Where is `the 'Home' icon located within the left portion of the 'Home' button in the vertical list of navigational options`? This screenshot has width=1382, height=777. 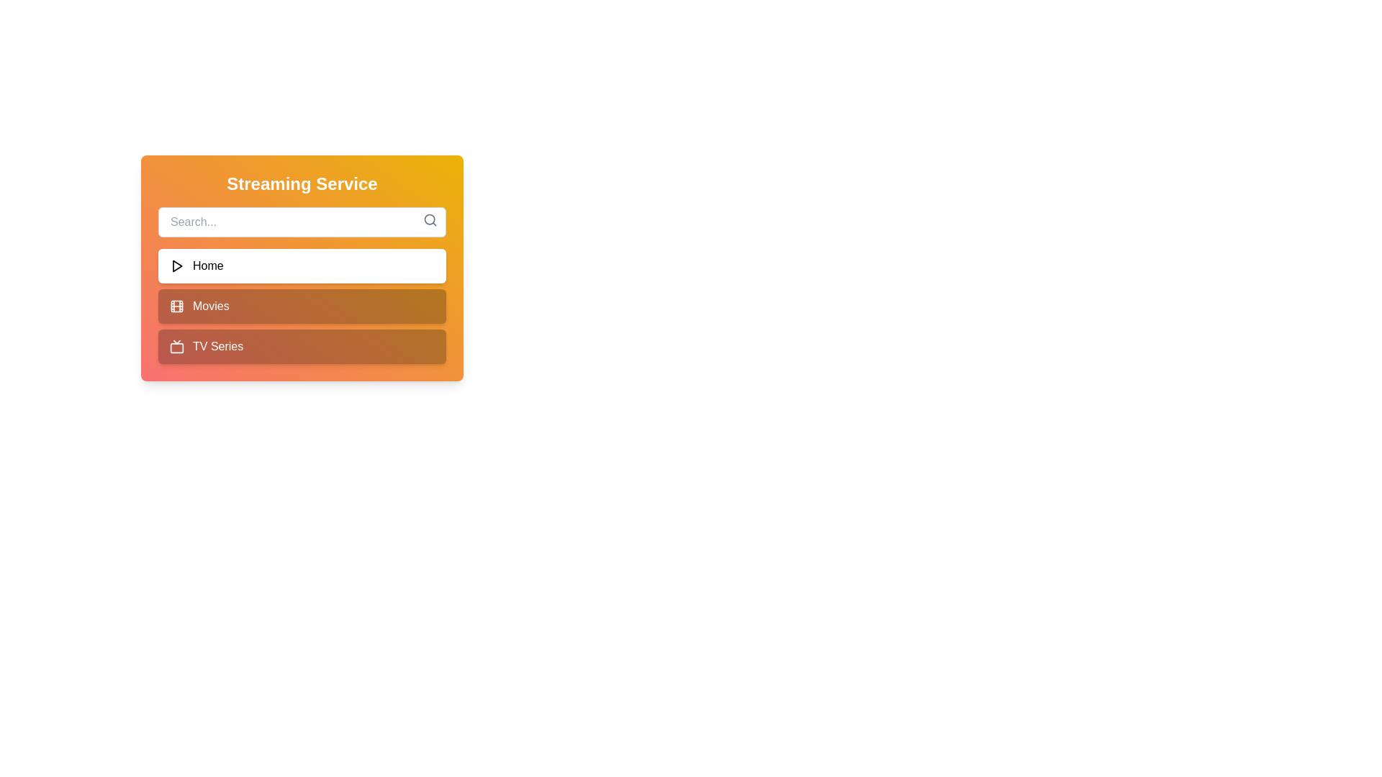 the 'Home' icon located within the left portion of the 'Home' button in the vertical list of navigational options is located at coordinates (176, 266).